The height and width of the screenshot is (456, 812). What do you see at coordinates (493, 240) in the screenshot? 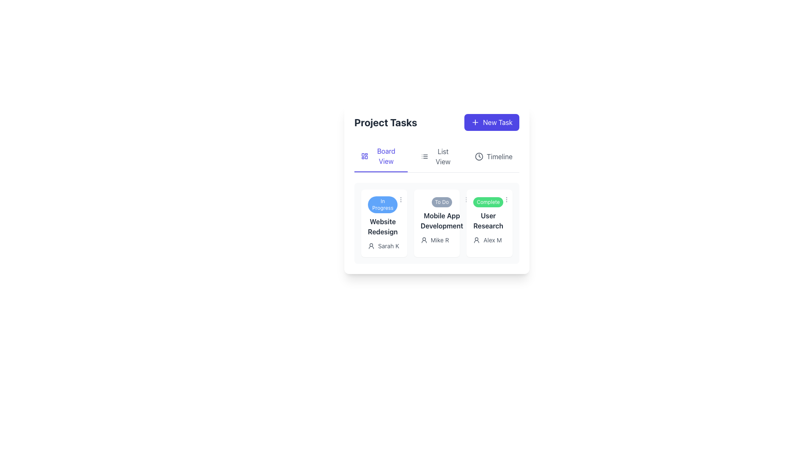
I see `the text label displaying 'Alex M' styled in gray, located in the 'User Research' card within the 'Project Tasks' section` at bounding box center [493, 240].